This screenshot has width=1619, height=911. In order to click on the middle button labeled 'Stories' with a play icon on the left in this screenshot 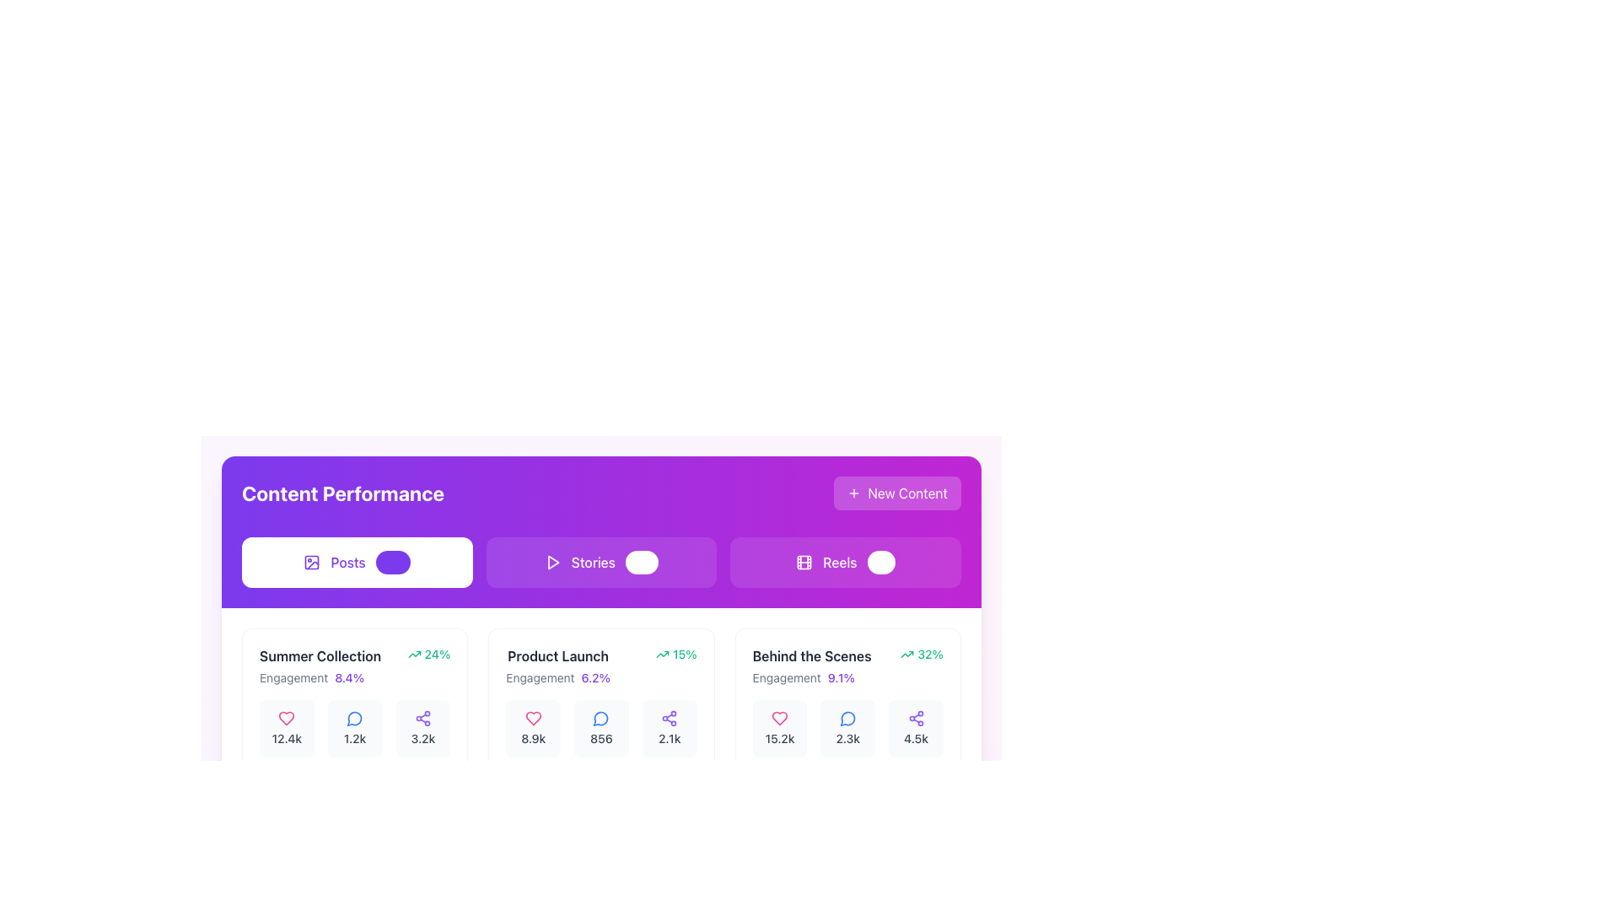, I will do `click(601, 563)`.